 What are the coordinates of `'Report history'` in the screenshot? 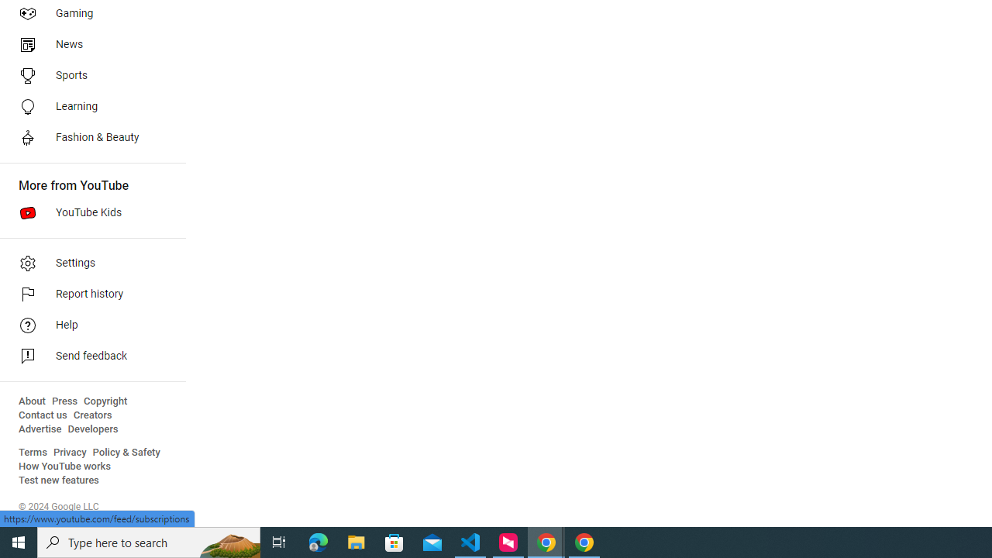 It's located at (87, 294).